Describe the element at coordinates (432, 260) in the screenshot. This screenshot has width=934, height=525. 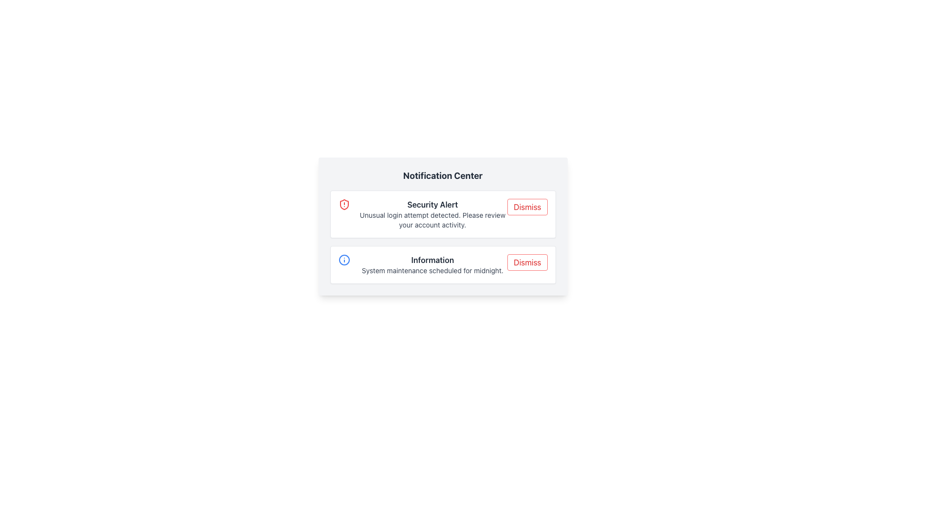
I see `the Text Label serving as the main title for the second notification card in the Notification Center interface, which is positioned above the descriptive text and to the left of the Dismiss button` at that location.